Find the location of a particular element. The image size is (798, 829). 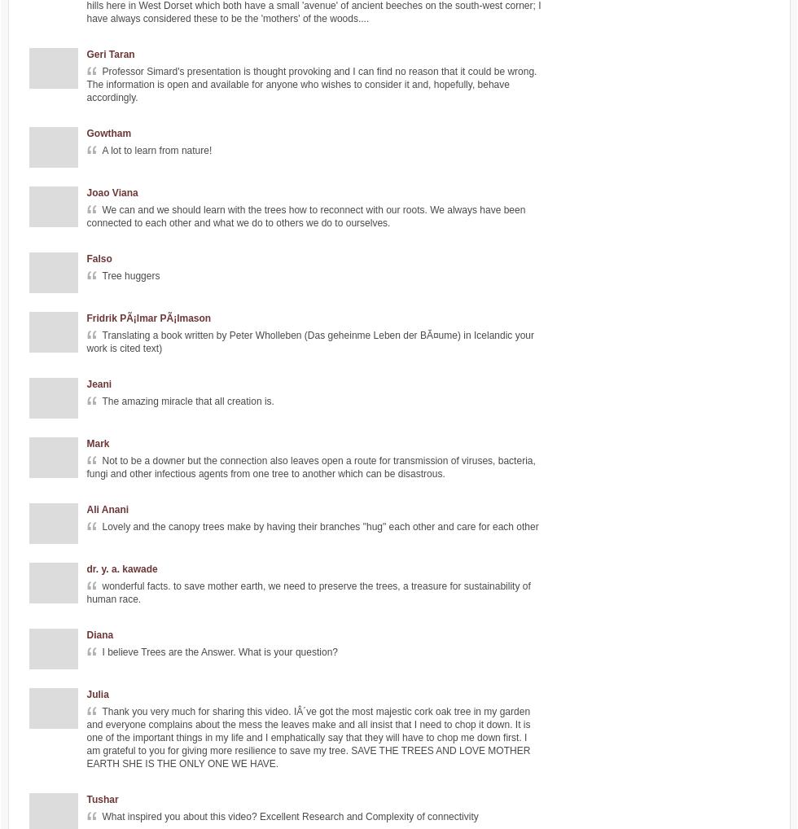

'Michele Perez' is located at coordinates (611, 222).